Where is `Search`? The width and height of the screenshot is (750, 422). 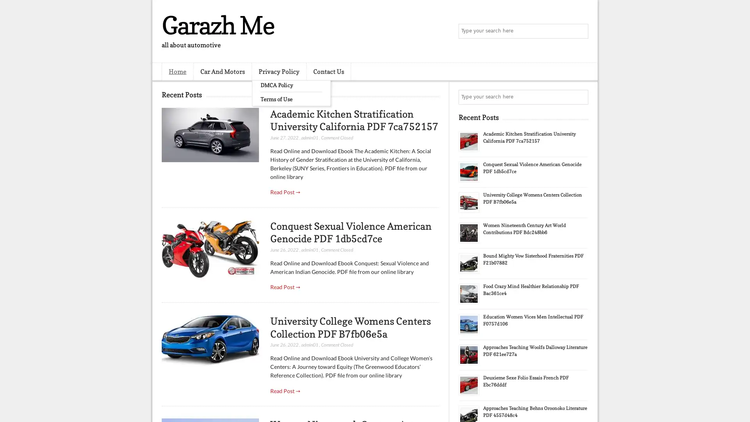 Search is located at coordinates (580, 31).